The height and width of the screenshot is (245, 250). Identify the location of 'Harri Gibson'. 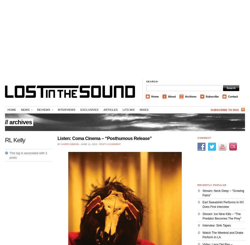
(70, 144).